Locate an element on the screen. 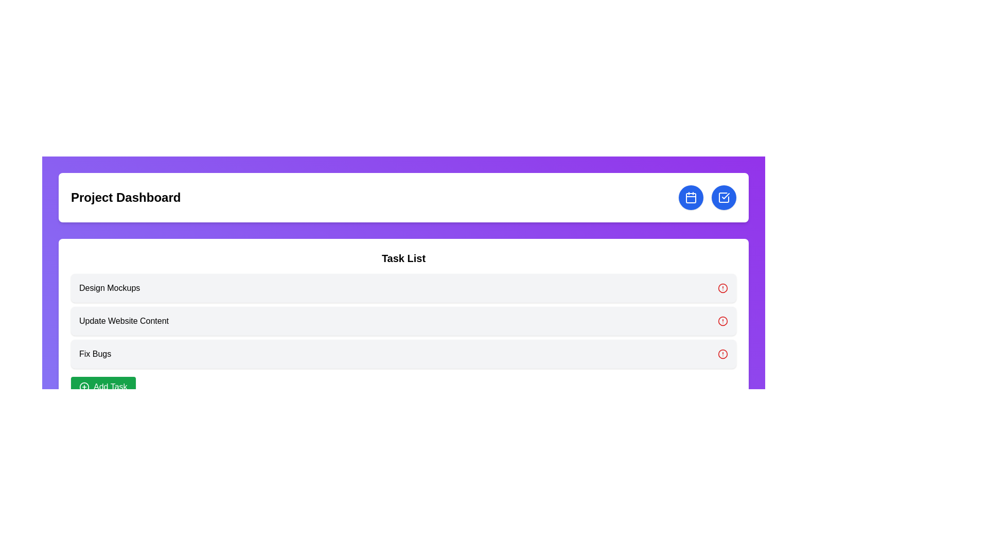 The width and height of the screenshot is (988, 556). the visual feedback associated with the circular boundary indicating the 'Fix Bugs' task entry, which is the third icon in a sequence along the right edge of list items is located at coordinates (722, 353).